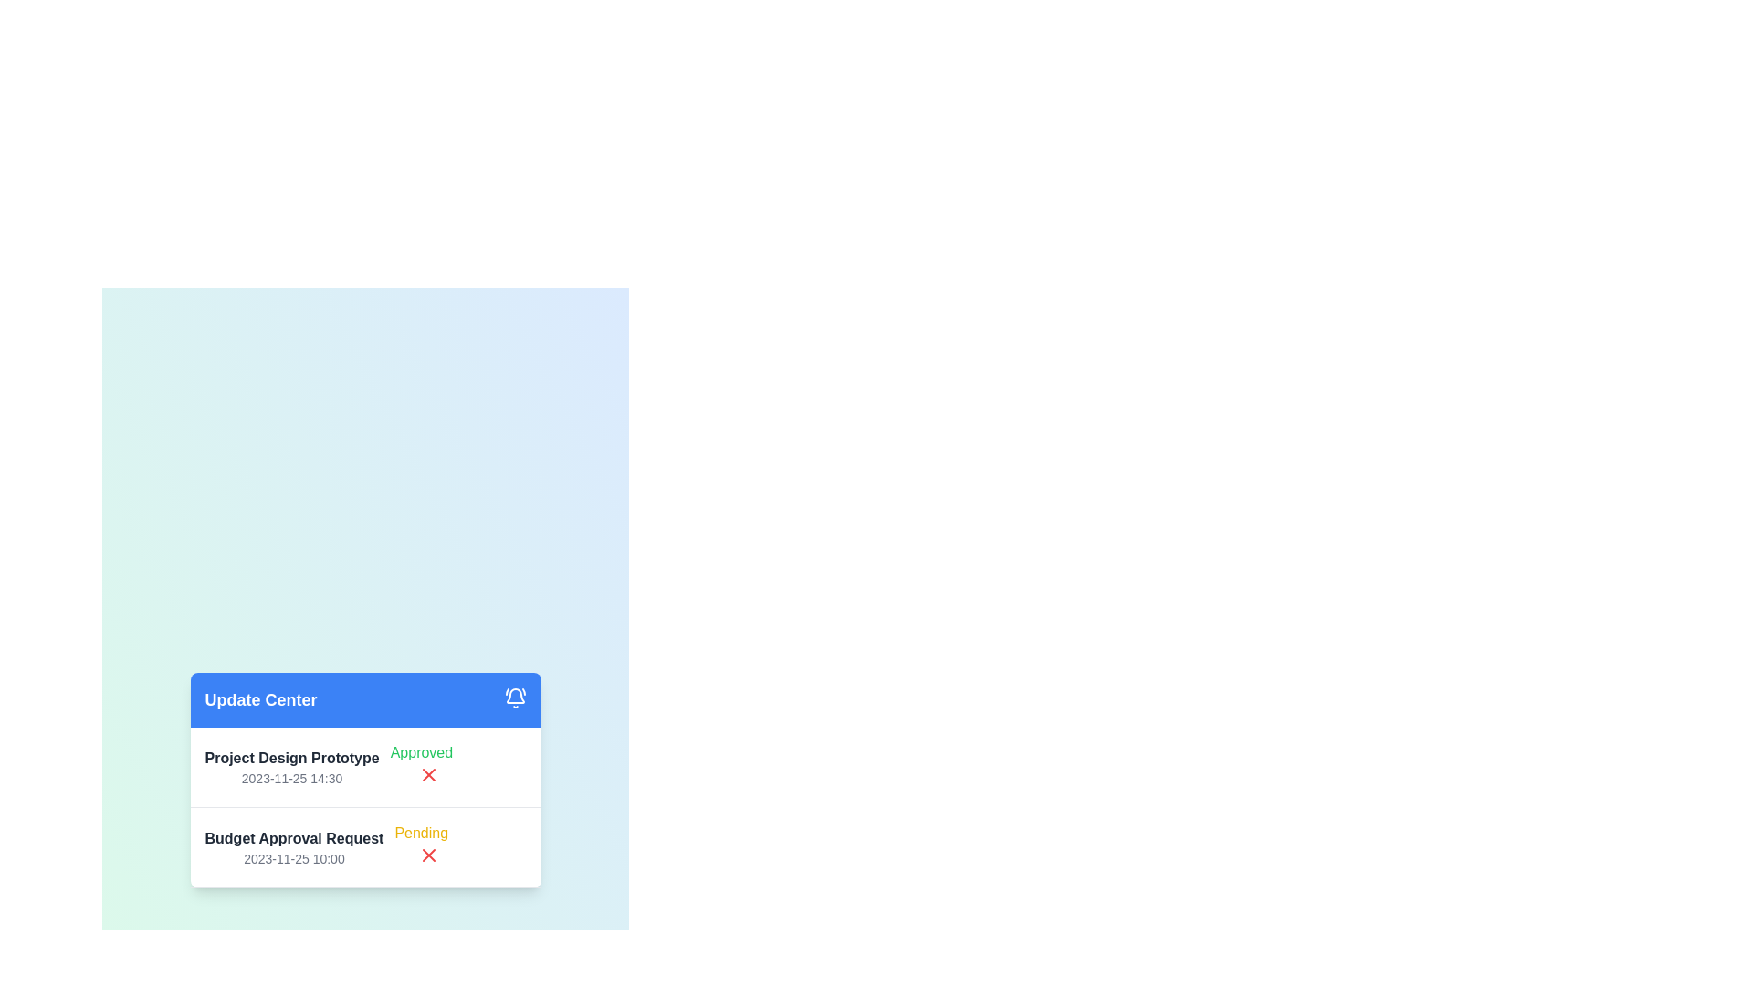 This screenshot has height=986, width=1753. Describe the element at coordinates (420, 767) in the screenshot. I see `the 'Approved' text label, which is styled in bold green and located in the second column of the row for 'Project Design Prototype'` at that location.